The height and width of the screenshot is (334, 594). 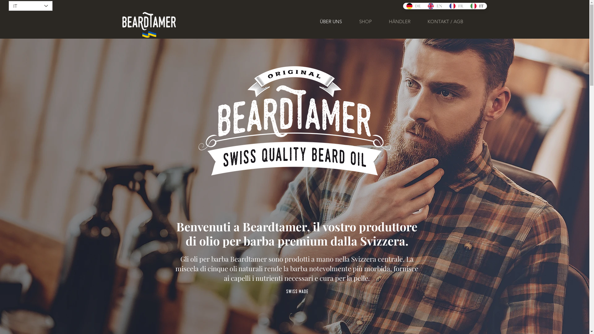 What do you see at coordinates (413, 6) in the screenshot?
I see `'DE'` at bounding box center [413, 6].